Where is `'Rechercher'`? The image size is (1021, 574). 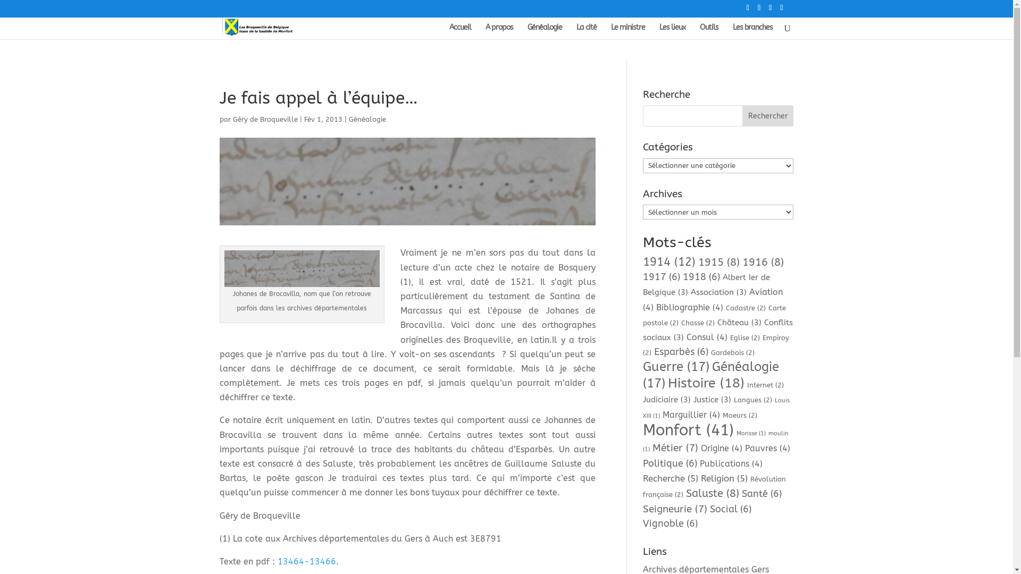
'Rechercher' is located at coordinates (768, 116).